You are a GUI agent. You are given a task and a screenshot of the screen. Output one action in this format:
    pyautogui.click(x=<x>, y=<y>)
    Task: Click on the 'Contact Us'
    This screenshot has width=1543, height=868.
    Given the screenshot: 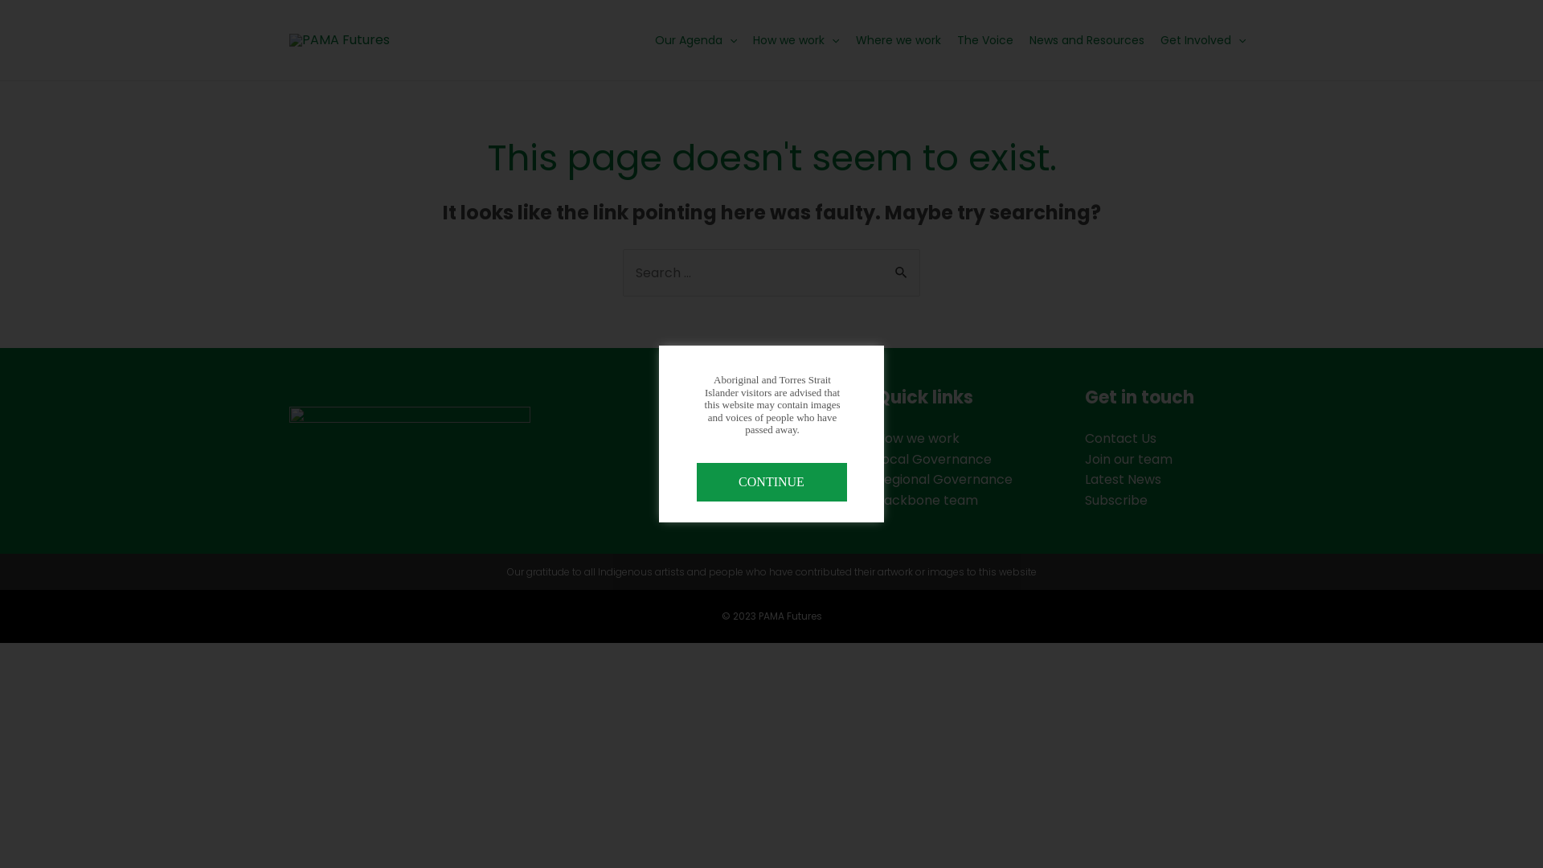 What is the action you would take?
    pyautogui.click(x=1119, y=438)
    